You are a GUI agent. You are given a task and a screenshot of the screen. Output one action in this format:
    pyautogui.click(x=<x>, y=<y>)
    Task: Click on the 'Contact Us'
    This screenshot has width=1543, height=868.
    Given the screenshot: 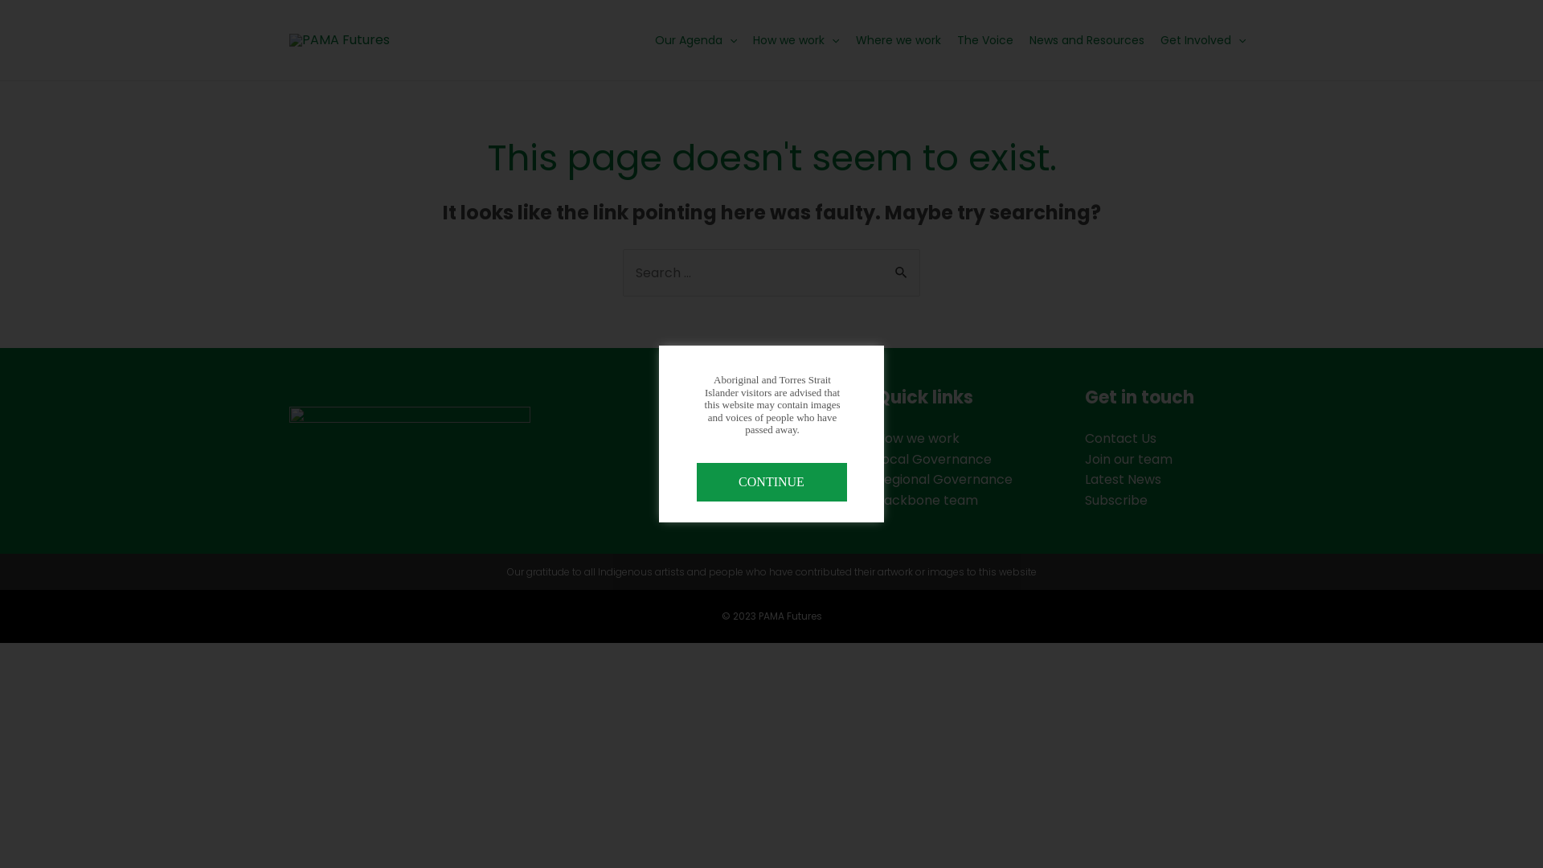 What is the action you would take?
    pyautogui.click(x=1119, y=438)
    